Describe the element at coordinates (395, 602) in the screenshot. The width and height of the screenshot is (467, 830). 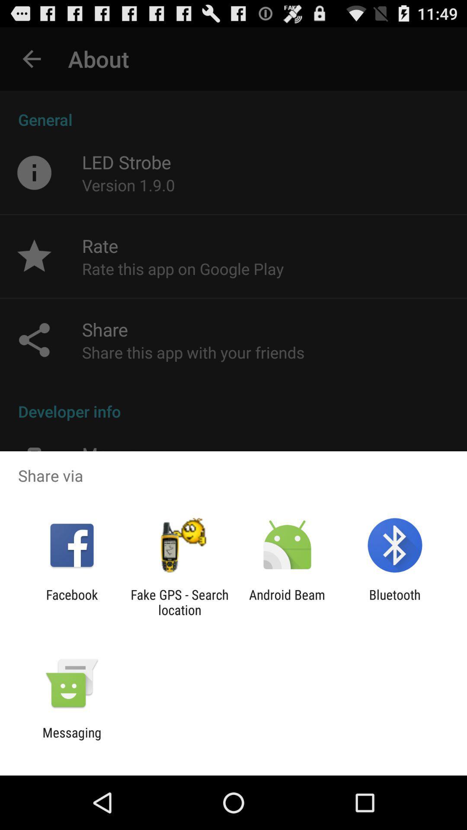
I see `icon next to the android beam icon` at that location.